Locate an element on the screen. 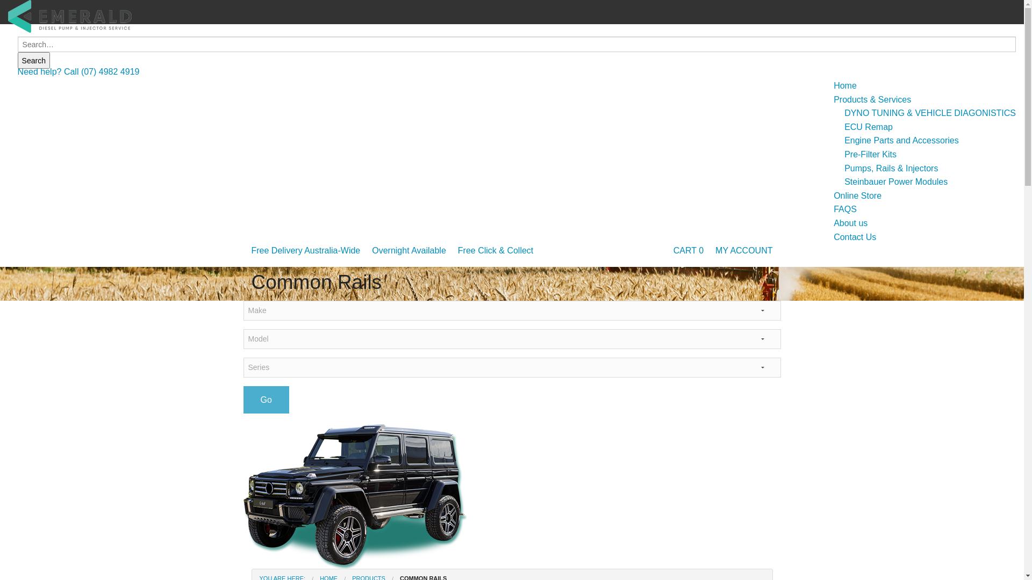 Image resolution: width=1032 pixels, height=580 pixels. 'ECU Remap' is located at coordinates (869, 126).